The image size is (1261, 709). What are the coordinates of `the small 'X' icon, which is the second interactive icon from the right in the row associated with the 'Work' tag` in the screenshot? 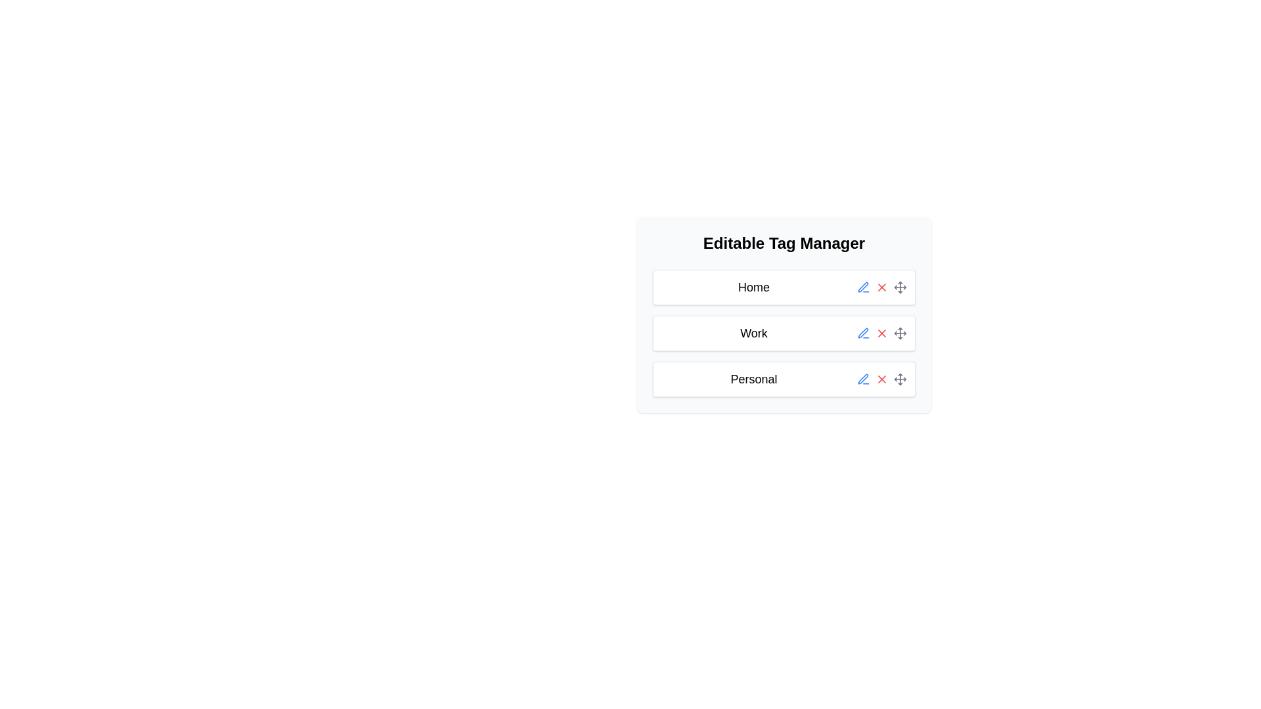 It's located at (882, 333).